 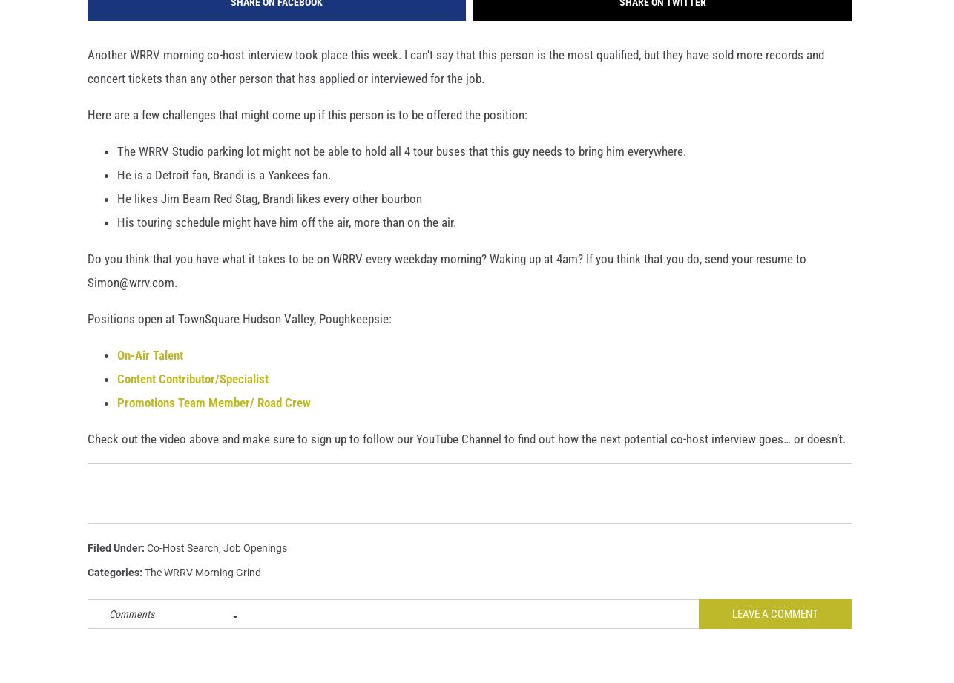 I want to click on 'He is a Detroit fan, Brandi is a Yankees fan.', so click(x=223, y=198).